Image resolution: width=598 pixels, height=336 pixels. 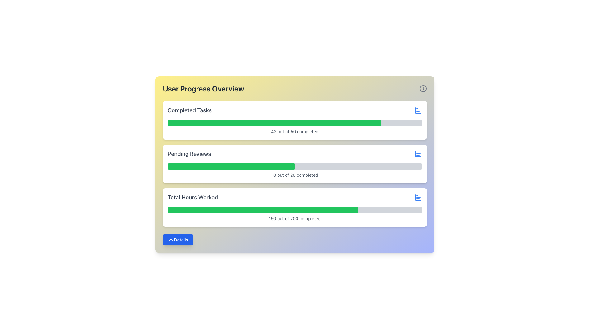 What do you see at coordinates (294, 123) in the screenshot?
I see `the progress bar indicating 84% completion located in the 'Completed Tasks' card, positioned below its heading` at bounding box center [294, 123].